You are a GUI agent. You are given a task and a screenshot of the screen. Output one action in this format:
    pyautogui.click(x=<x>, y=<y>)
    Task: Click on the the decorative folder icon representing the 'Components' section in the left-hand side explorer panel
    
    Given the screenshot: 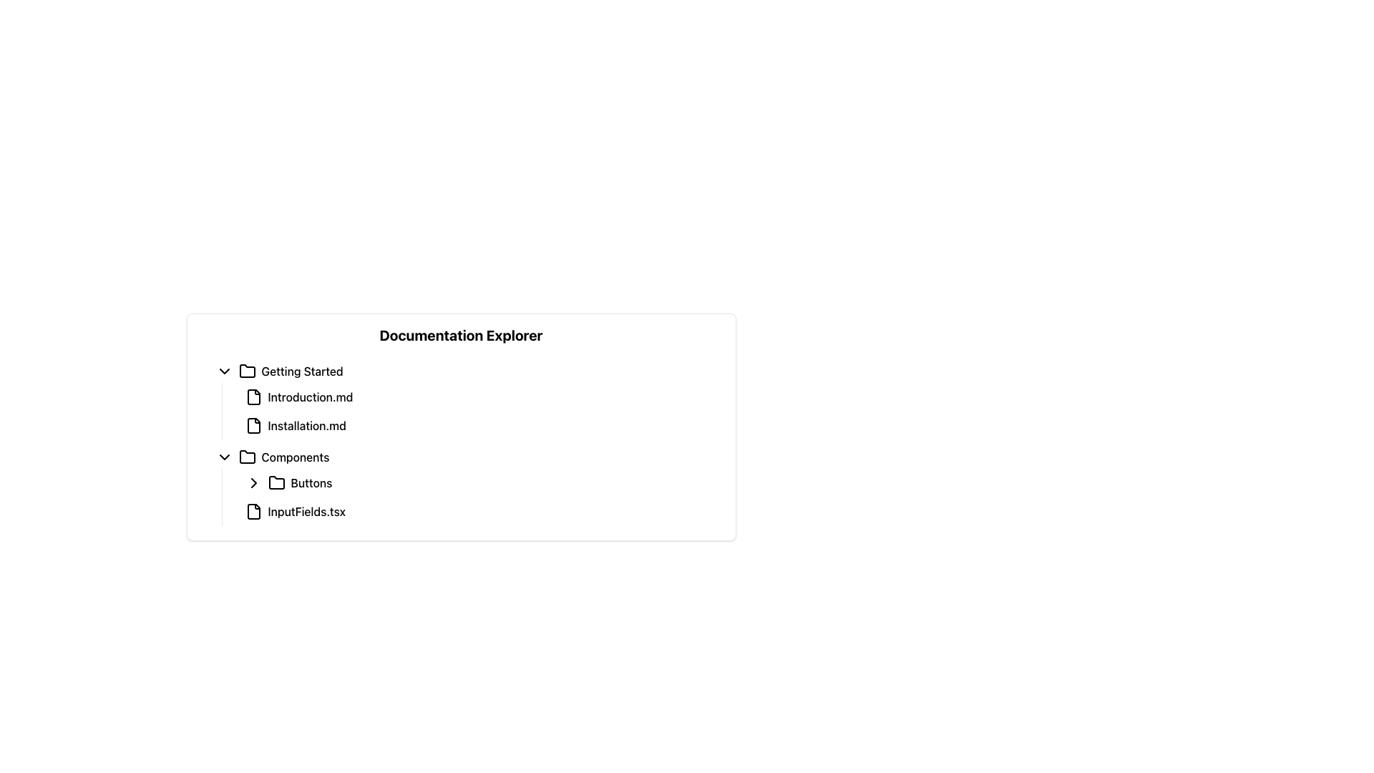 What is the action you would take?
    pyautogui.click(x=247, y=457)
    